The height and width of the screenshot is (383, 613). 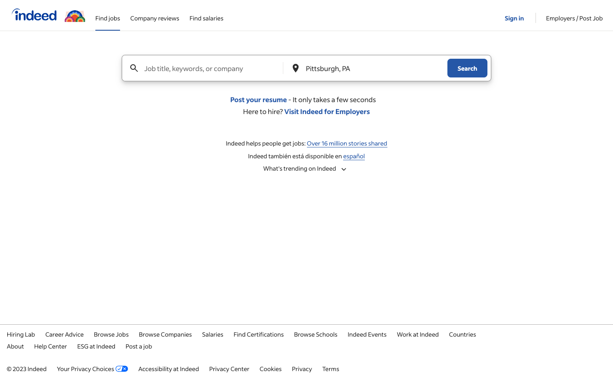 I want to click on Search for organizations having job vacancies, so click(x=165, y=333).